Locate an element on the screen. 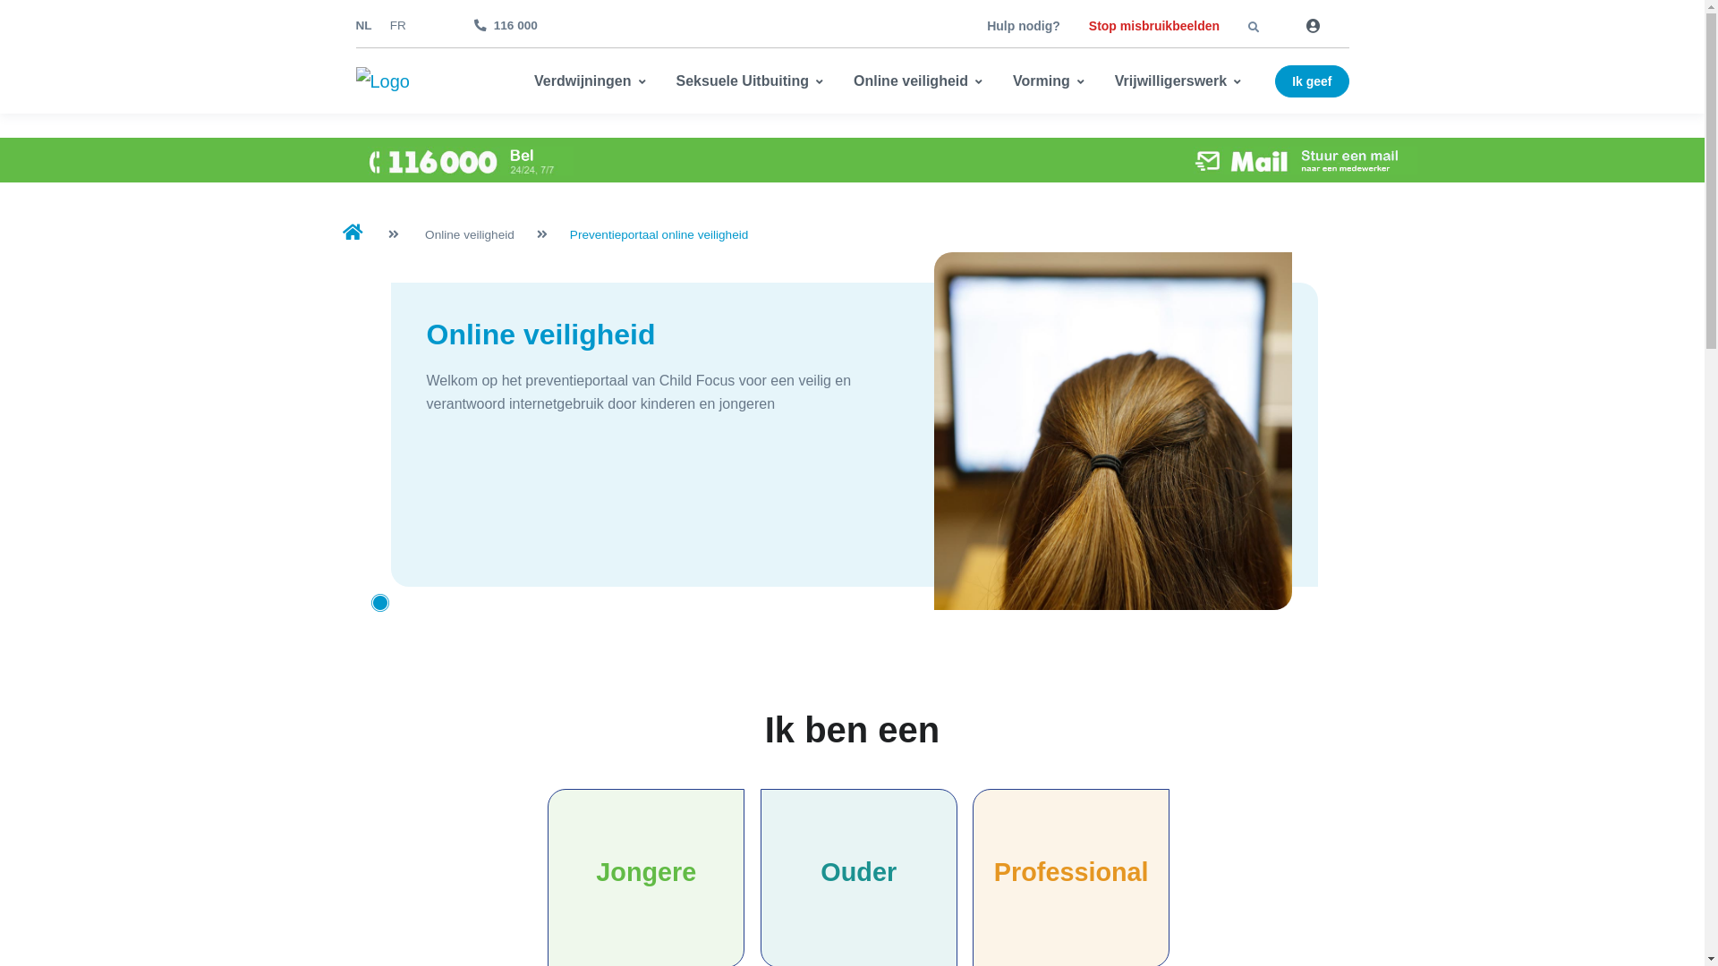 This screenshot has height=966, width=1718. 'Hulp nodig?' is located at coordinates (1023, 26).